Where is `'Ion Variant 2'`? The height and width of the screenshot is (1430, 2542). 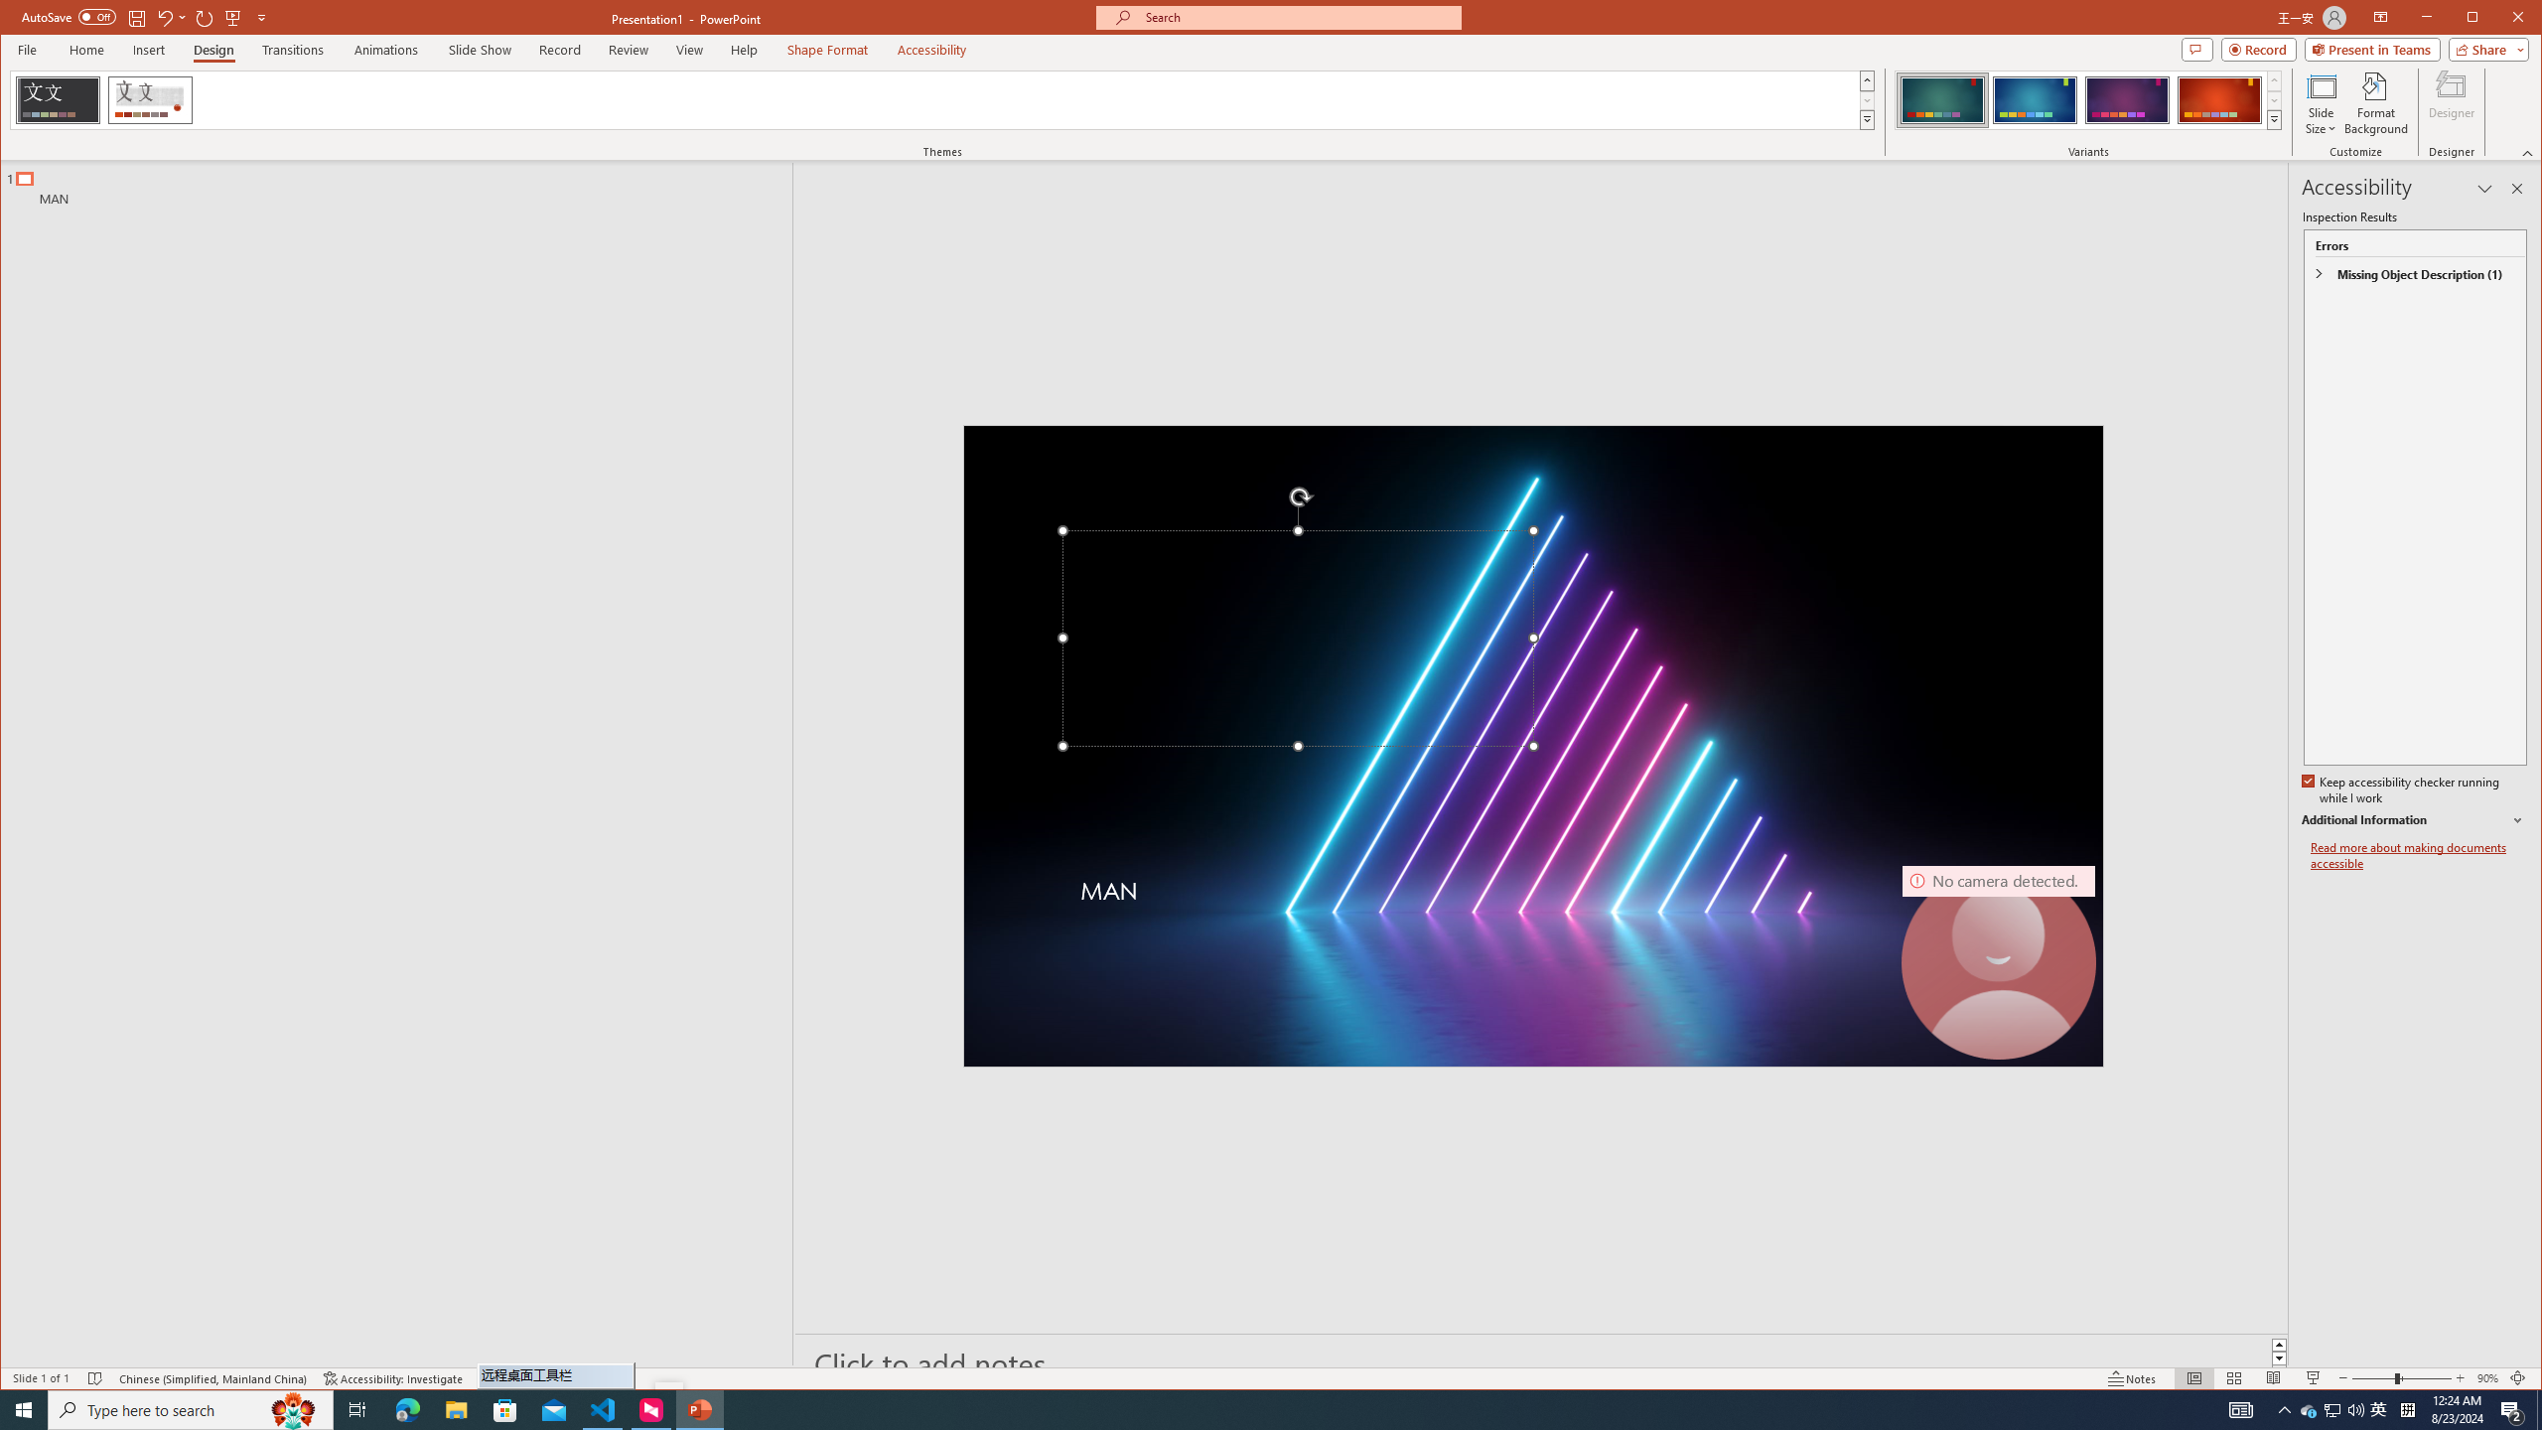 'Ion Variant 2' is located at coordinates (2035, 99).